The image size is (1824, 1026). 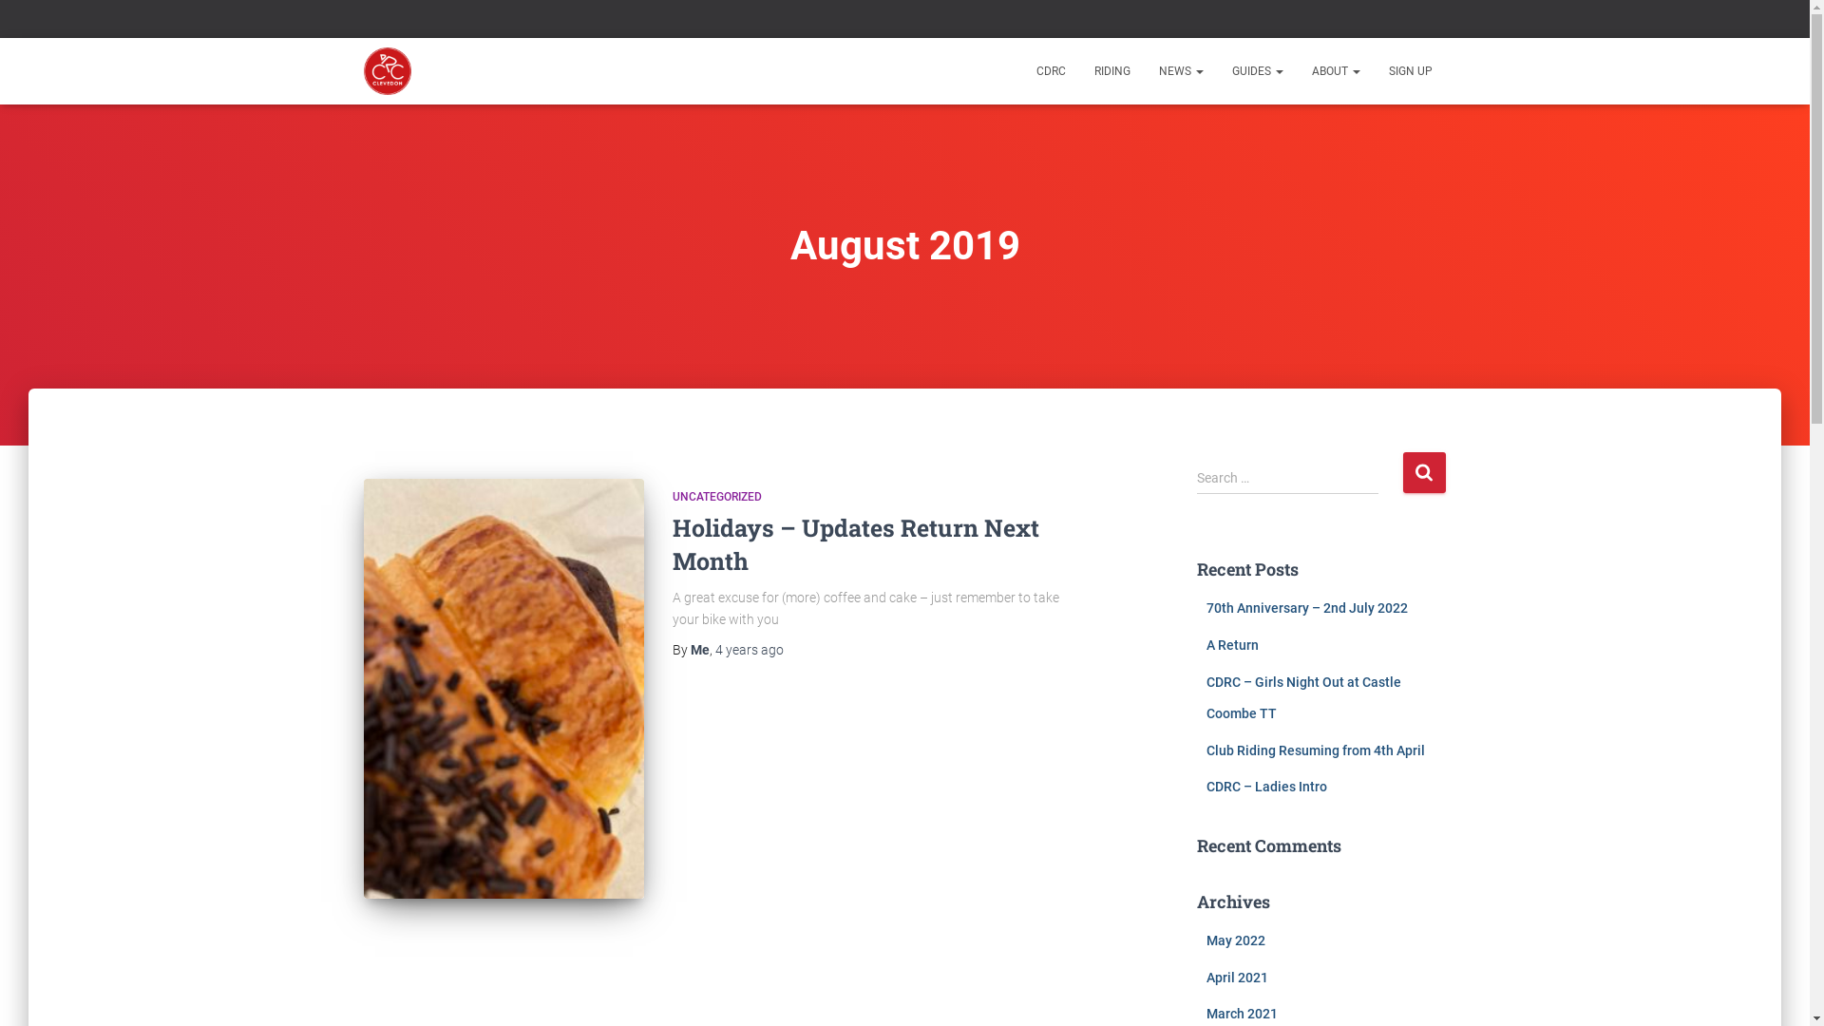 I want to click on 'UNCATEGORIZED', so click(x=673, y=496).